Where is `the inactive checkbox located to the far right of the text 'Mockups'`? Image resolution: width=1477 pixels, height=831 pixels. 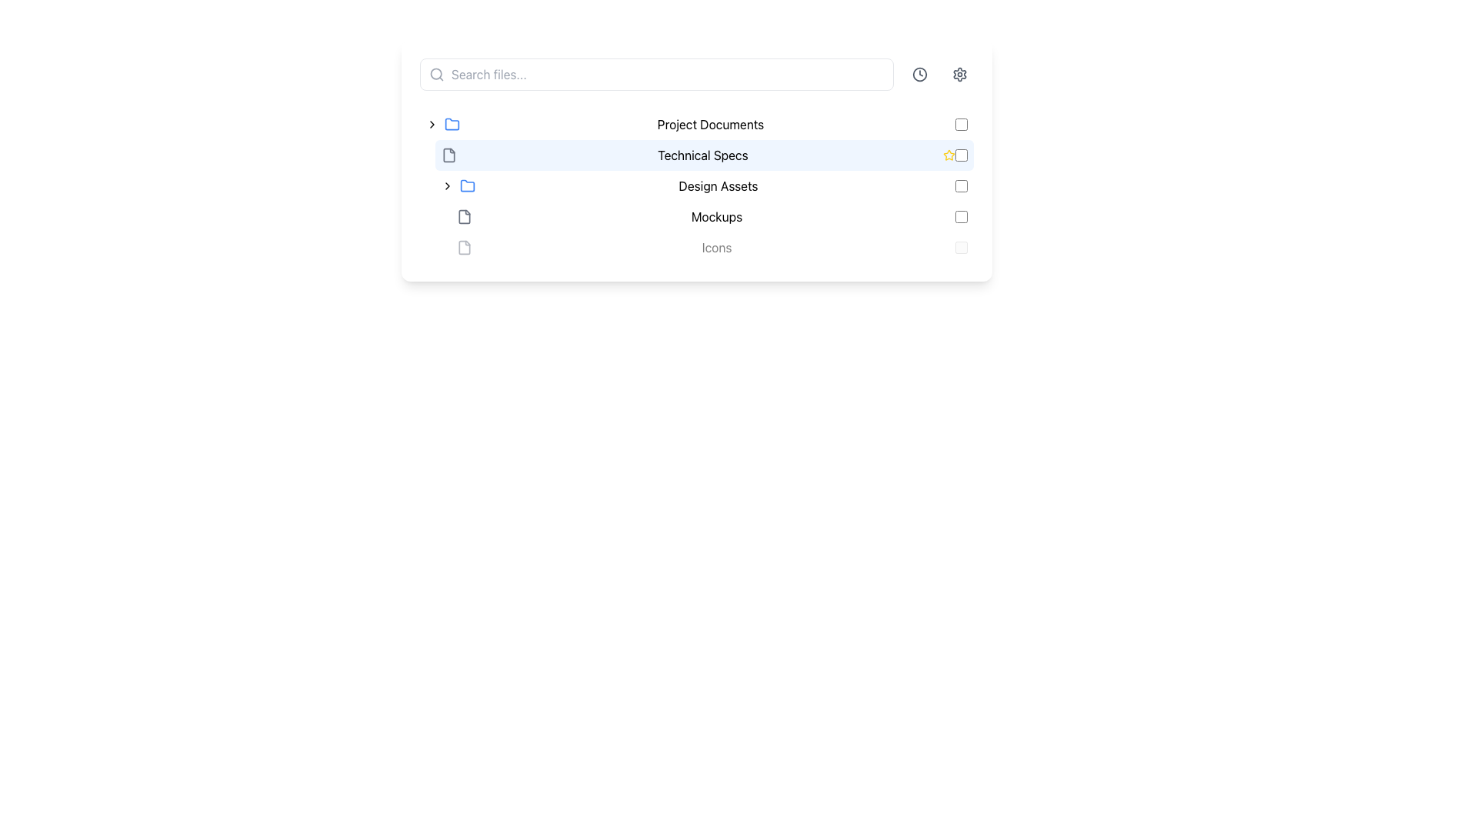
the inactive checkbox located to the far right of the text 'Mockups' is located at coordinates (960, 216).